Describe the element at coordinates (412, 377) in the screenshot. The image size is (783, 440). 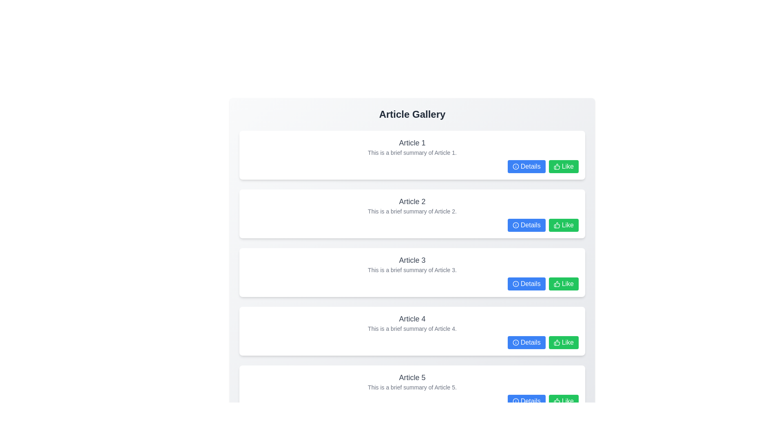
I see `the static text label displaying 'Article 5', which is styled as a heading with a larger, bold font and gray color, located in the fifth section of the article items list` at that location.